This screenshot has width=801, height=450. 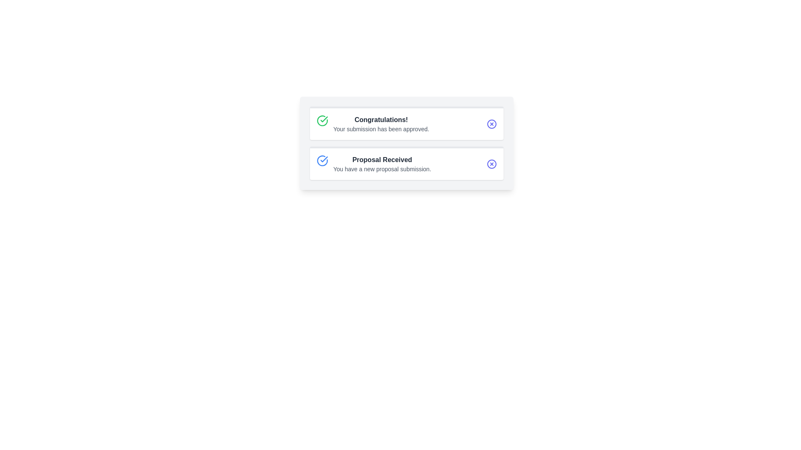 What do you see at coordinates (382, 160) in the screenshot?
I see `bolded dark gray text label that states 'Proposal Received', located in the upper portion of the second notification card` at bounding box center [382, 160].